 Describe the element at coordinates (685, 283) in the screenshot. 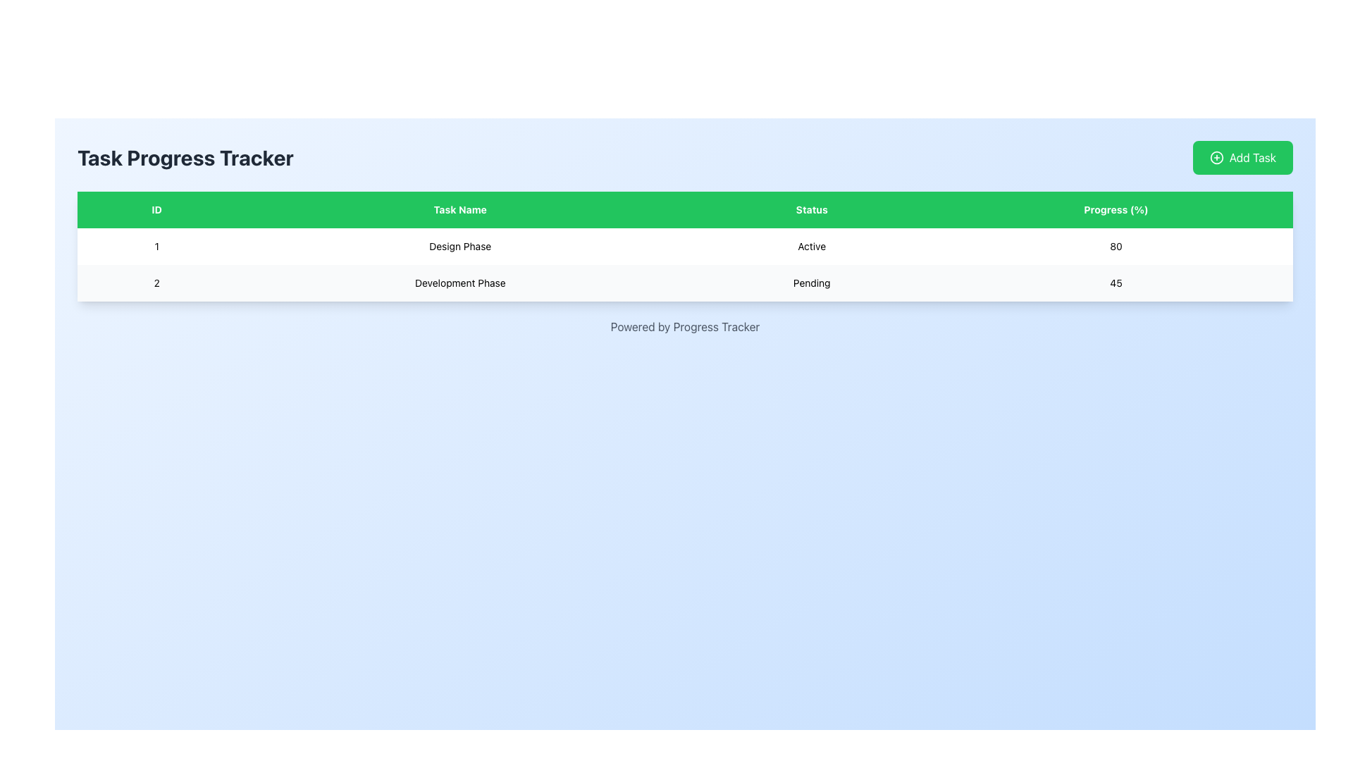

I see `information contained within the second row of the table displaying ID '2', Task Name 'Development Phase', Status 'Pending', and Progress '45'` at that location.